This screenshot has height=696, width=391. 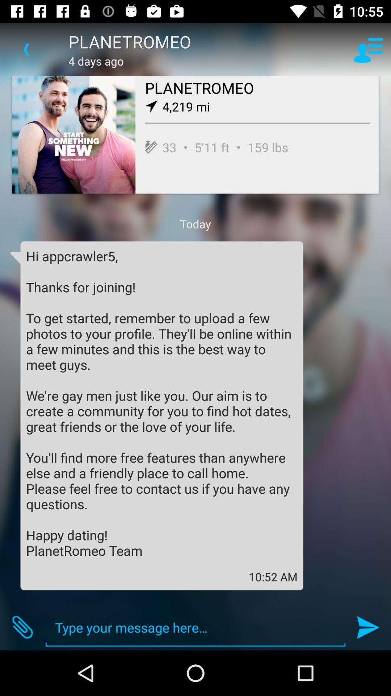 I want to click on item at the bottom left corner, so click(x=22, y=627).